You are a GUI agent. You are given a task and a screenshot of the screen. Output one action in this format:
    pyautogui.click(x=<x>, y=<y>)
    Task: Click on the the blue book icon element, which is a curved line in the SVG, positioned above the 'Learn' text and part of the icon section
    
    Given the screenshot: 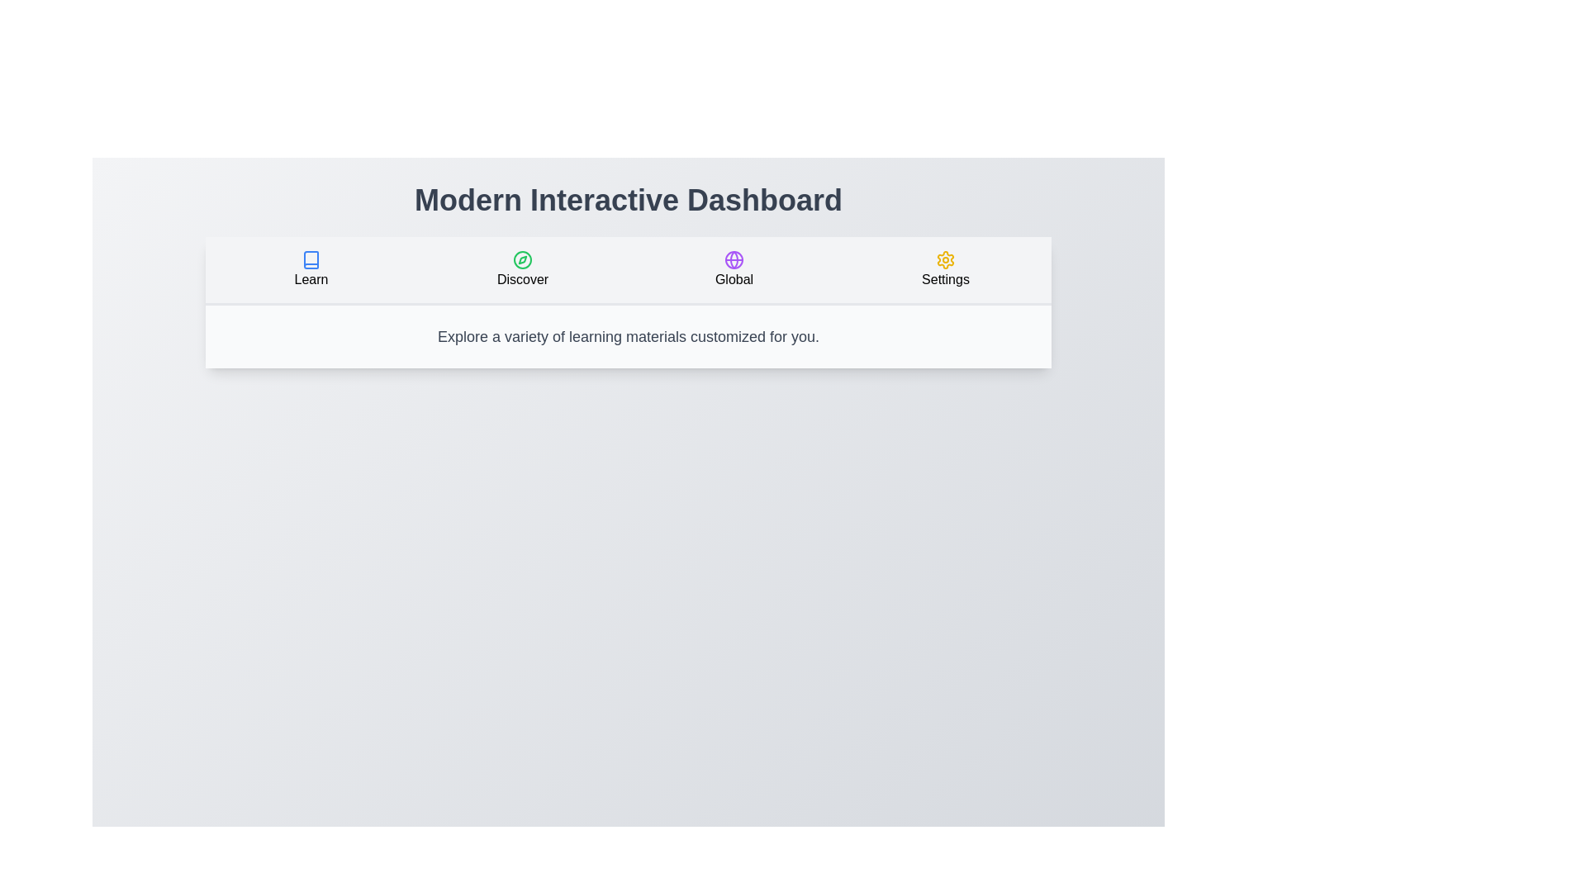 What is the action you would take?
    pyautogui.click(x=311, y=260)
    